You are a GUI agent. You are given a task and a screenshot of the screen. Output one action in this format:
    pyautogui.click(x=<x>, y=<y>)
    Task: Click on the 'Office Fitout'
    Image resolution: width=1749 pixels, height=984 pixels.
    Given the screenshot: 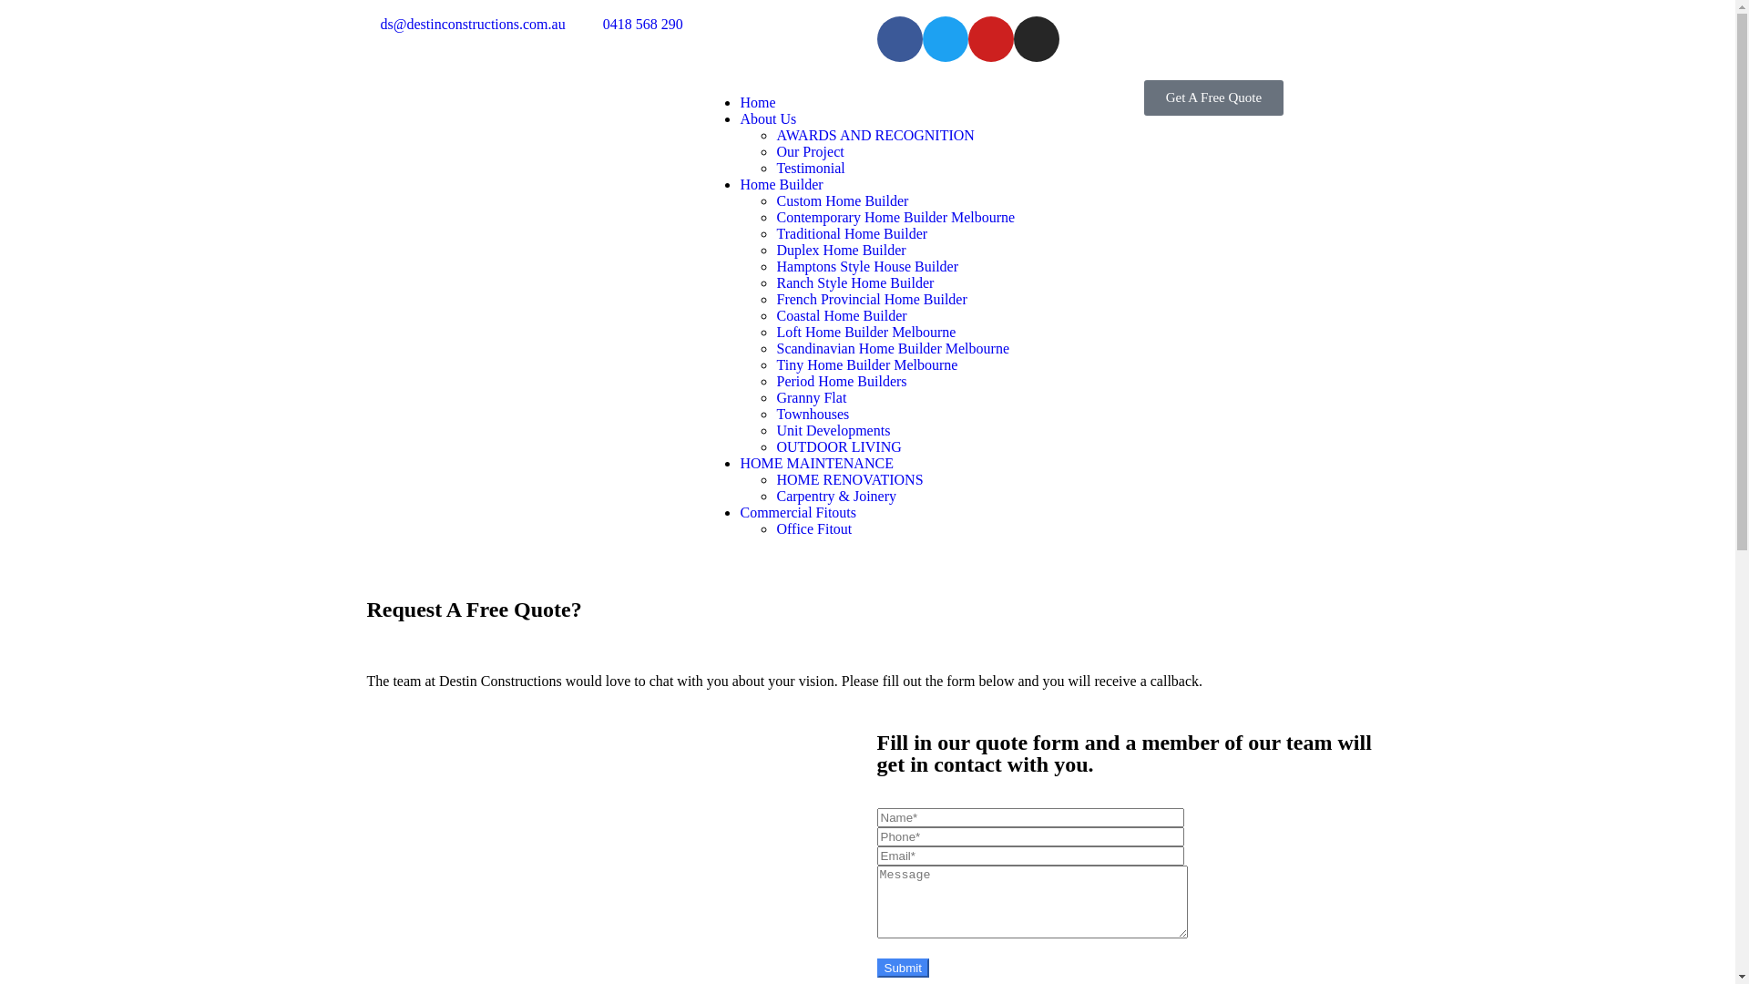 What is the action you would take?
    pyautogui.click(x=813, y=528)
    